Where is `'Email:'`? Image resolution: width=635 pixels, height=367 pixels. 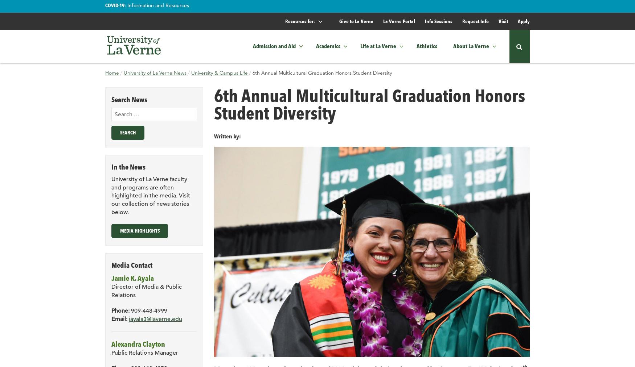 'Email:' is located at coordinates (111, 318).